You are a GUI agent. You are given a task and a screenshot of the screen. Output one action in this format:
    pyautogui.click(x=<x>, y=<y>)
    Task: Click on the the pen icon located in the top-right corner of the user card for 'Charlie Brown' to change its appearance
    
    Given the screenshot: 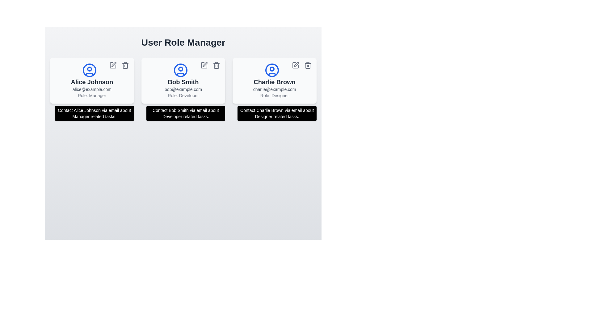 What is the action you would take?
    pyautogui.click(x=295, y=65)
    